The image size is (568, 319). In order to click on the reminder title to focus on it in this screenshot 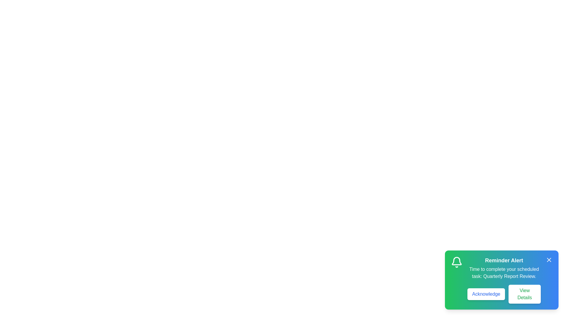, I will do `click(504, 260)`.